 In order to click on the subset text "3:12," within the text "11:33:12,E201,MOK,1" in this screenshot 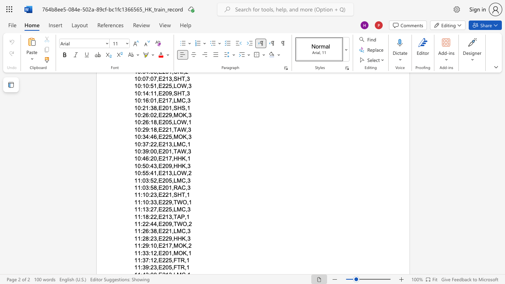, I will do `click(146, 253)`.